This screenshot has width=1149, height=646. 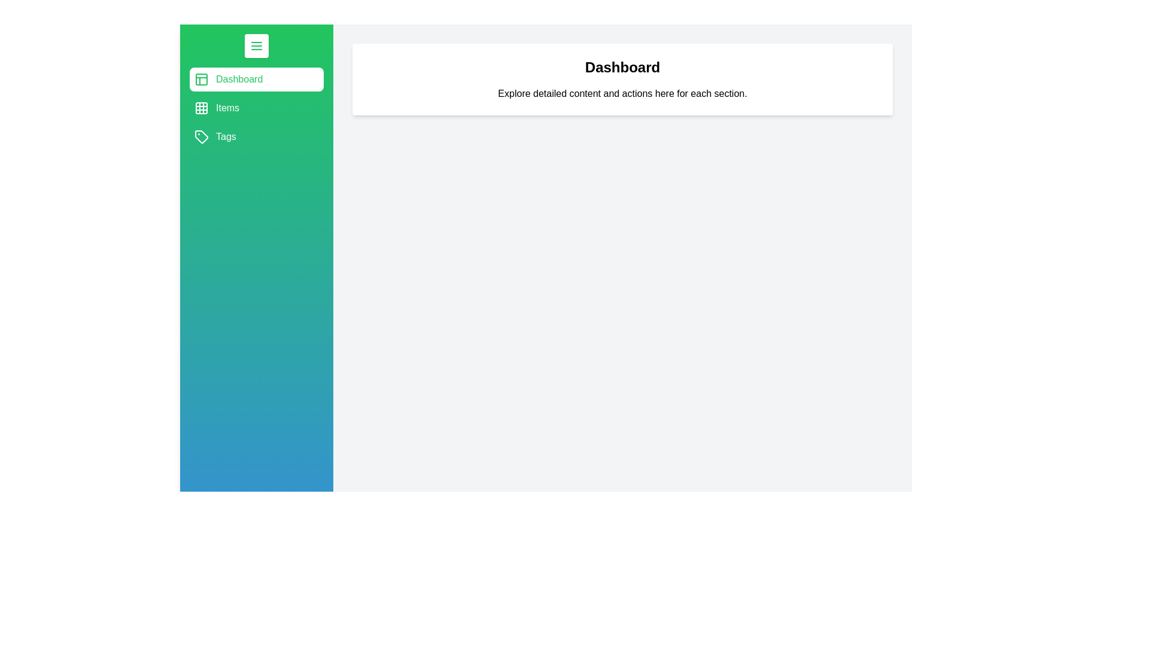 What do you see at coordinates (256, 136) in the screenshot?
I see `the section Tags to select it` at bounding box center [256, 136].